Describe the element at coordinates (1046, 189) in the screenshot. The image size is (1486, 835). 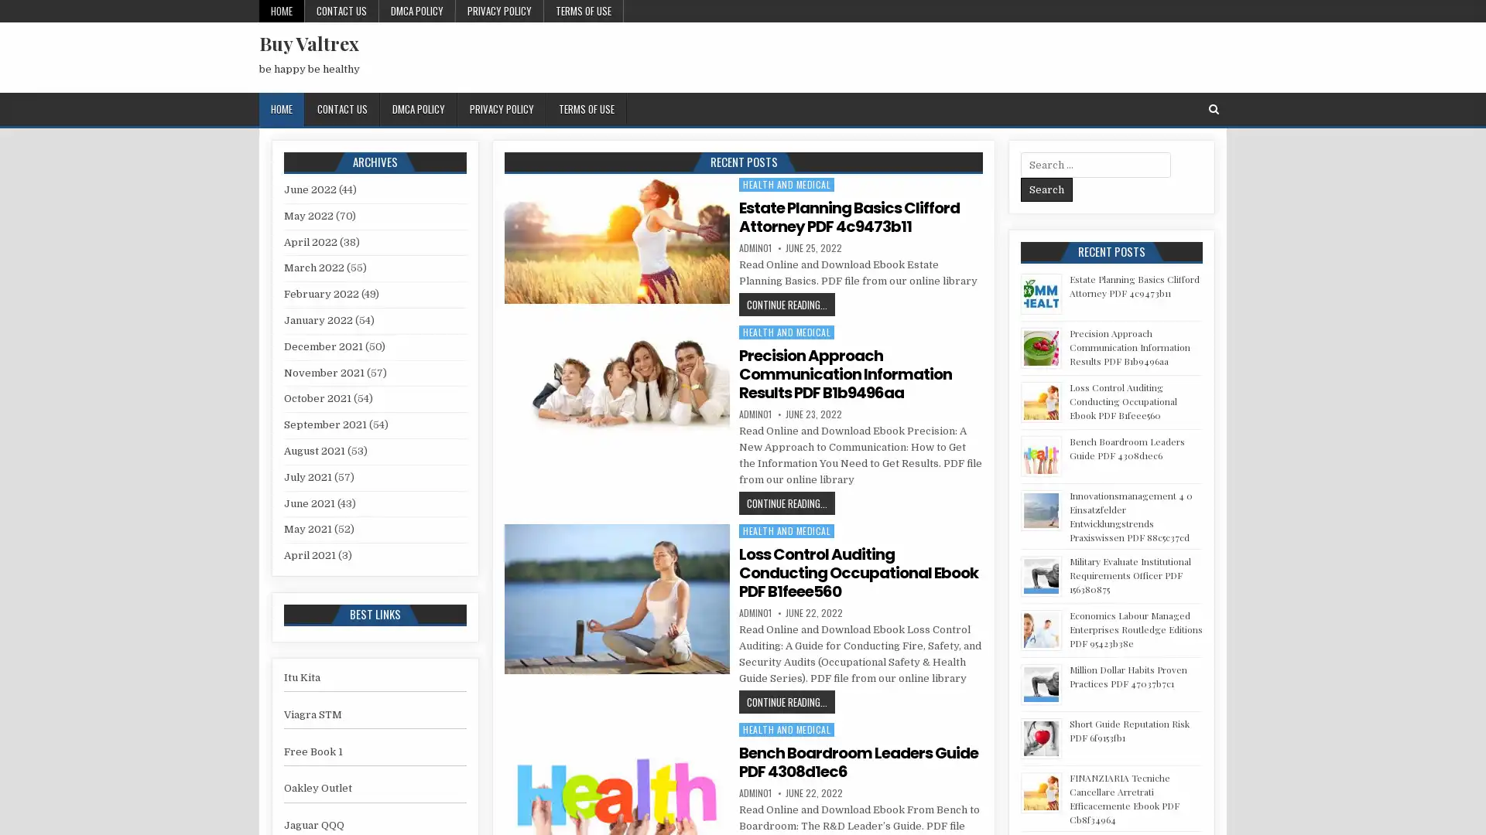
I see `Search` at that location.